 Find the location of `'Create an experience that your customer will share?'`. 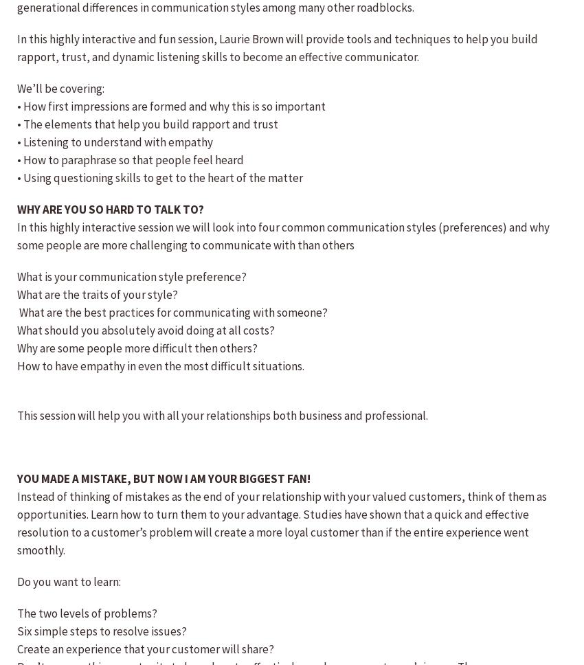

'Create an experience that your customer will share?' is located at coordinates (144, 648).